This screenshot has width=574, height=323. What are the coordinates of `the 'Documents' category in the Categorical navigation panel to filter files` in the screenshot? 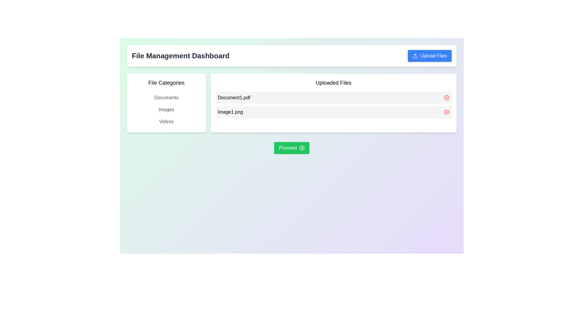 It's located at (166, 103).